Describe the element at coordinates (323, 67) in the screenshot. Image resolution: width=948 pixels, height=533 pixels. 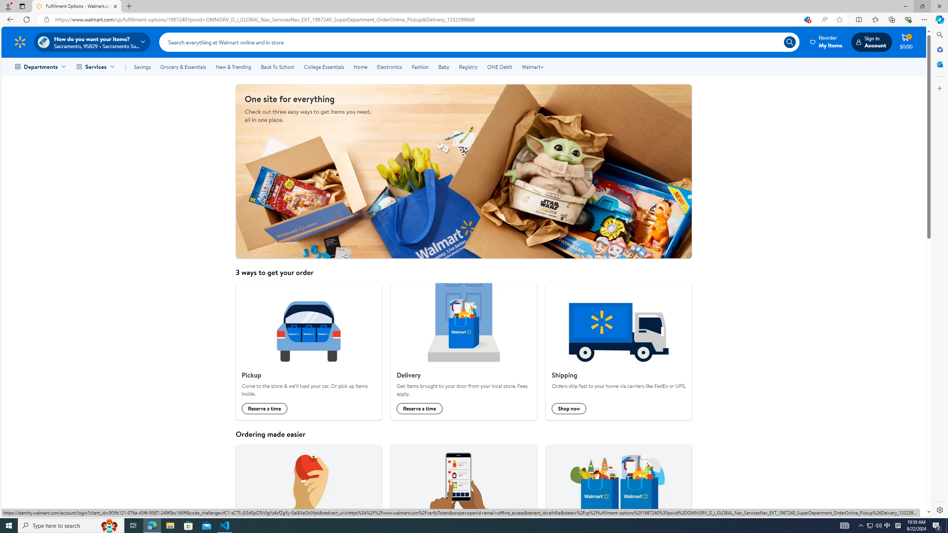
I see `'College Essentials'` at that location.